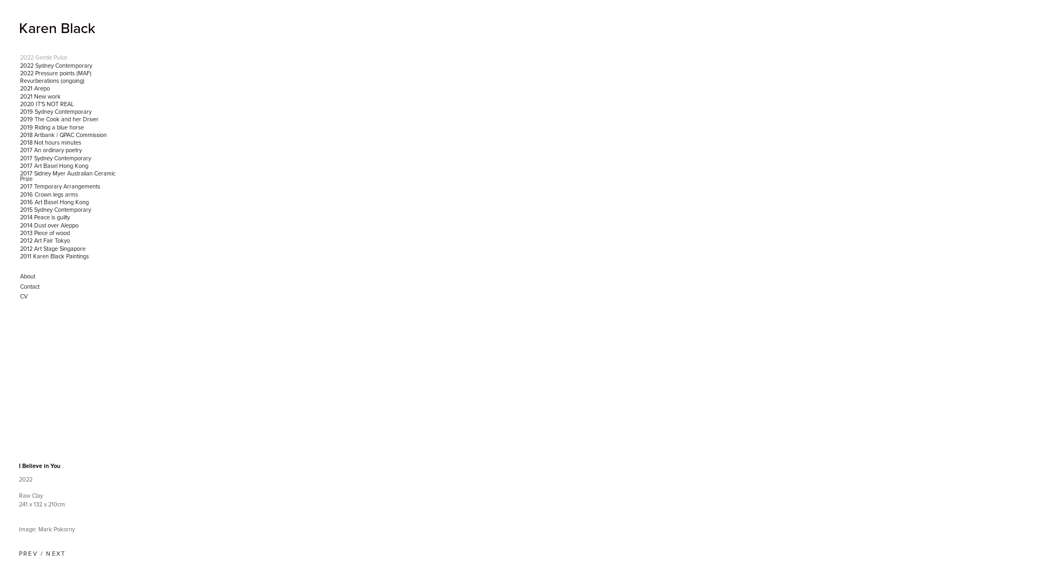 This screenshot has height=585, width=1040. Describe the element at coordinates (69, 88) in the screenshot. I see `'2021 Arepo'` at that location.